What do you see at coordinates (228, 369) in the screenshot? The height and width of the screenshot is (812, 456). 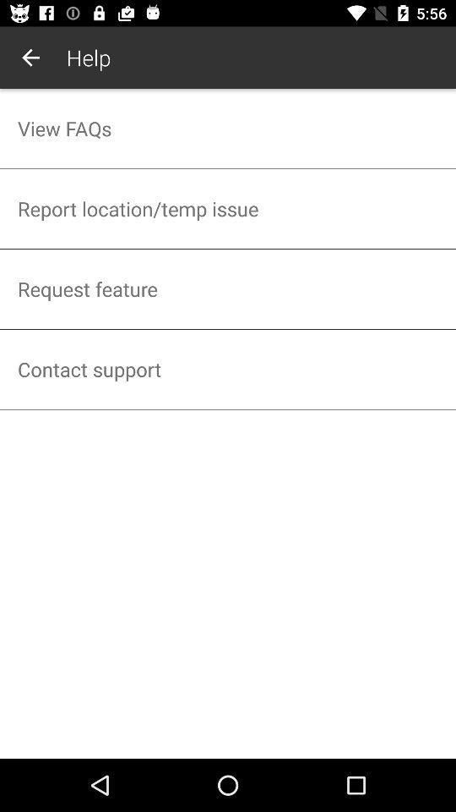 I see `contact support` at bounding box center [228, 369].